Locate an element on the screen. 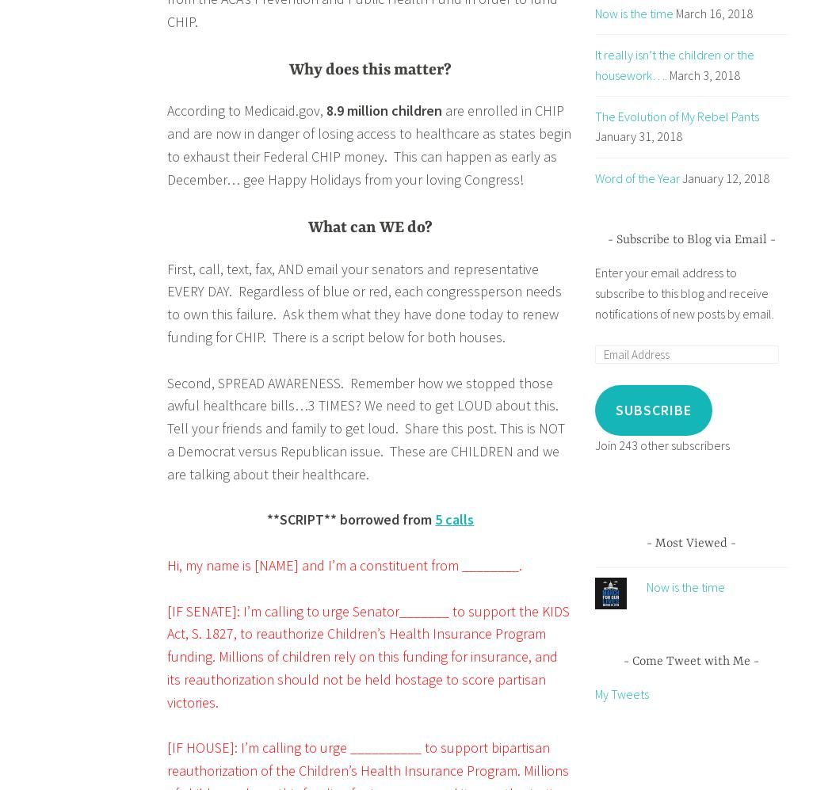  '5 calls' is located at coordinates (453, 519).